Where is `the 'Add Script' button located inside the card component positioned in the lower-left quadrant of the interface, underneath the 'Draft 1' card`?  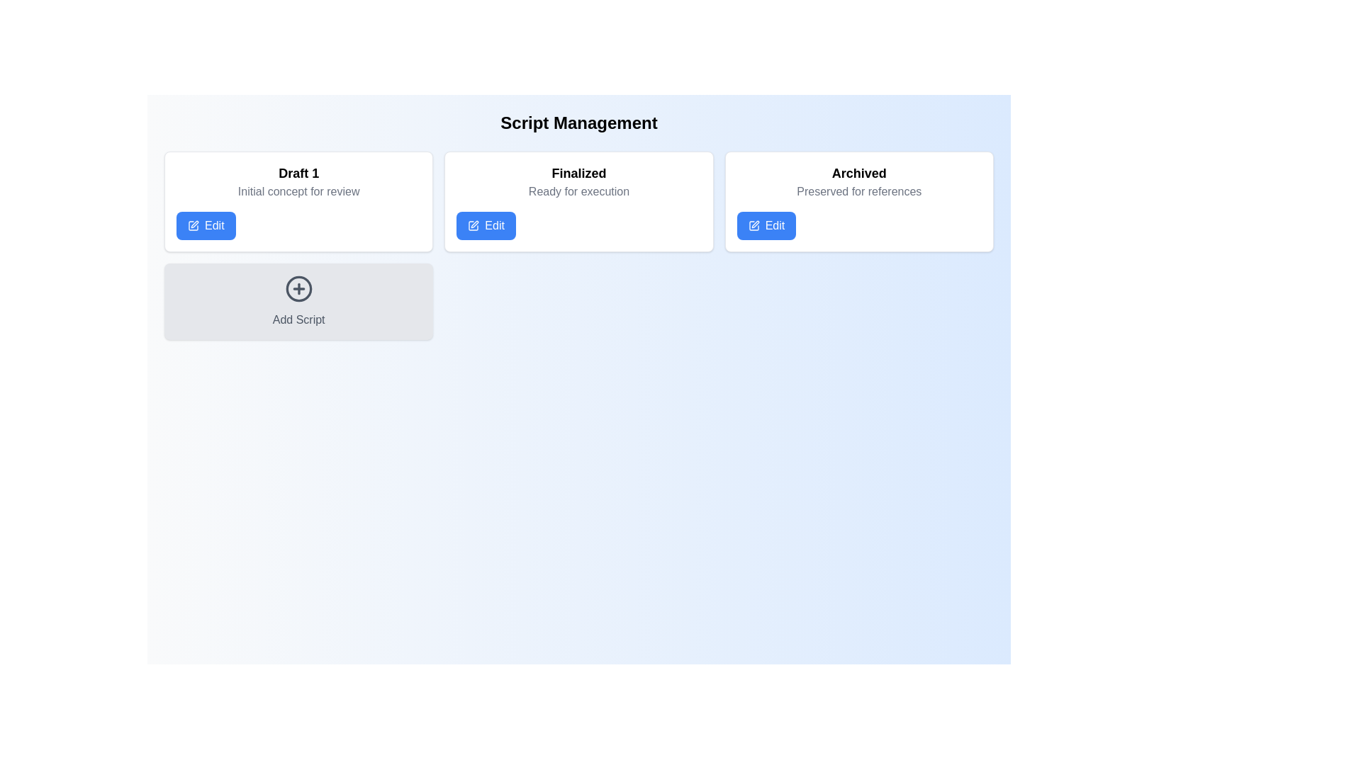 the 'Add Script' button located inside the card component positioned in the lower-left quadrant of the interface, underneath the 'Draft 1' card is located at coordinates (298, 288).